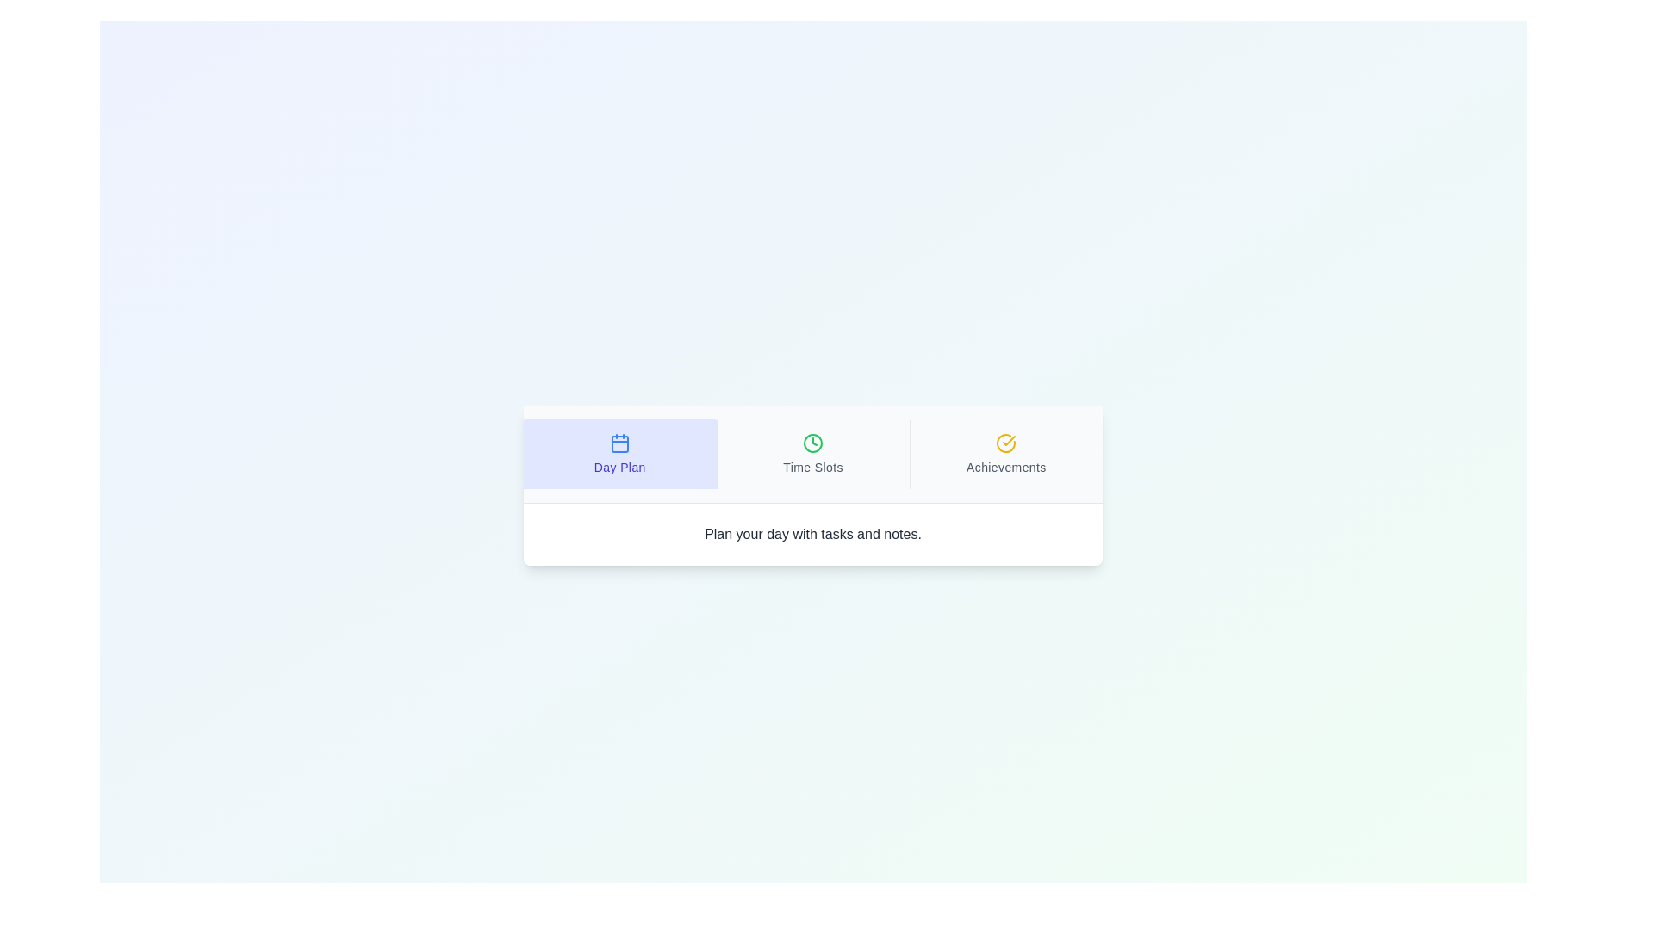 The height and width of the screenshot is (930, 1654). I want to click on the tab labeled Time Slots to observe visual changes, so click(811, 453).